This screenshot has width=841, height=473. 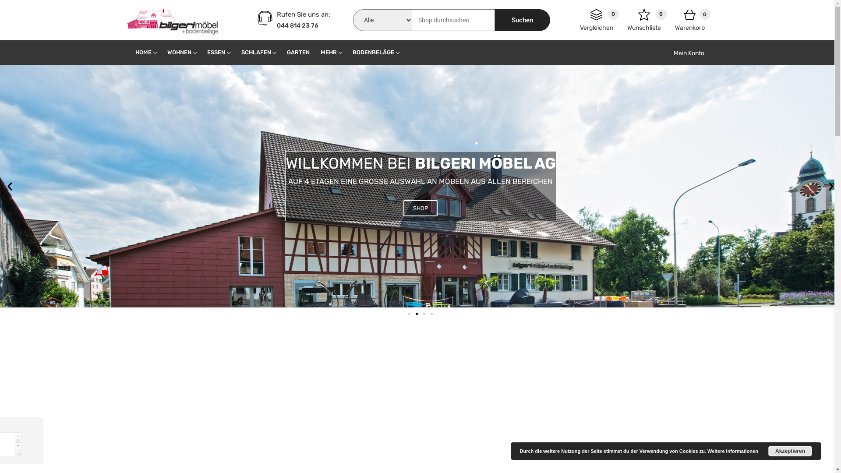 I want to click on 'SCHLAFEN', so click(x=238, y=52).